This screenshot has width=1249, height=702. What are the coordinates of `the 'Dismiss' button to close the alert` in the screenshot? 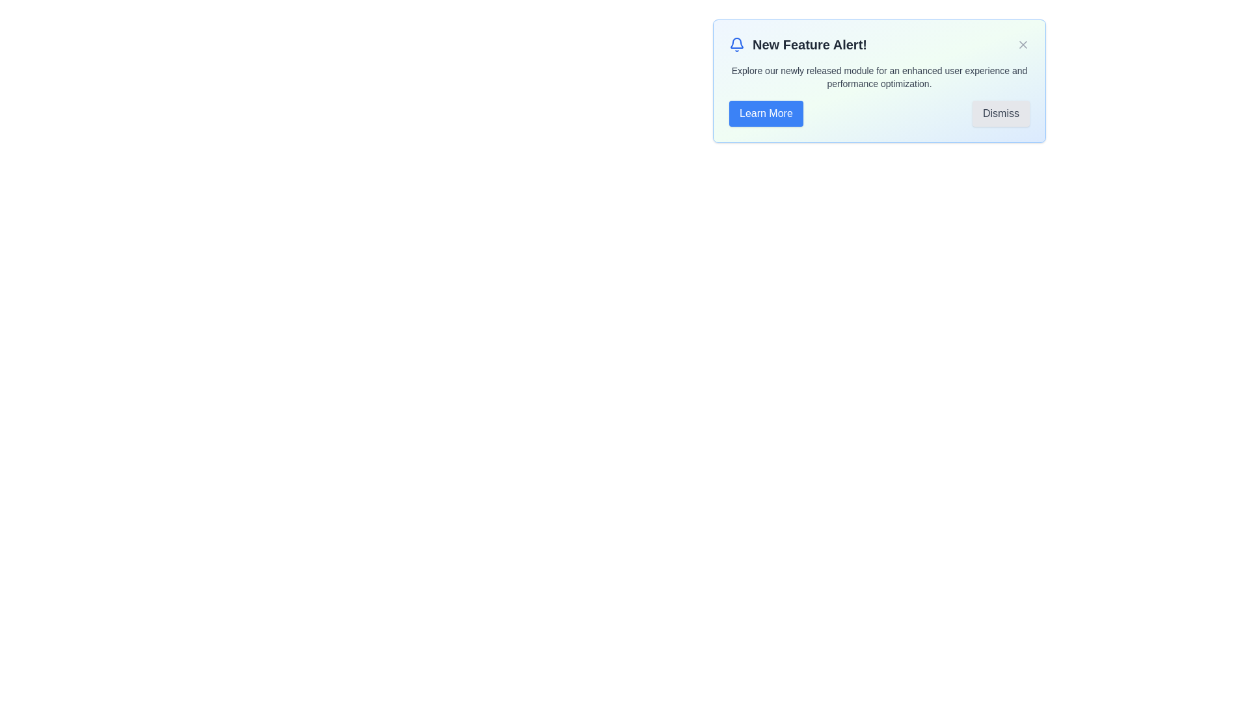 It's located at (1001, 112).